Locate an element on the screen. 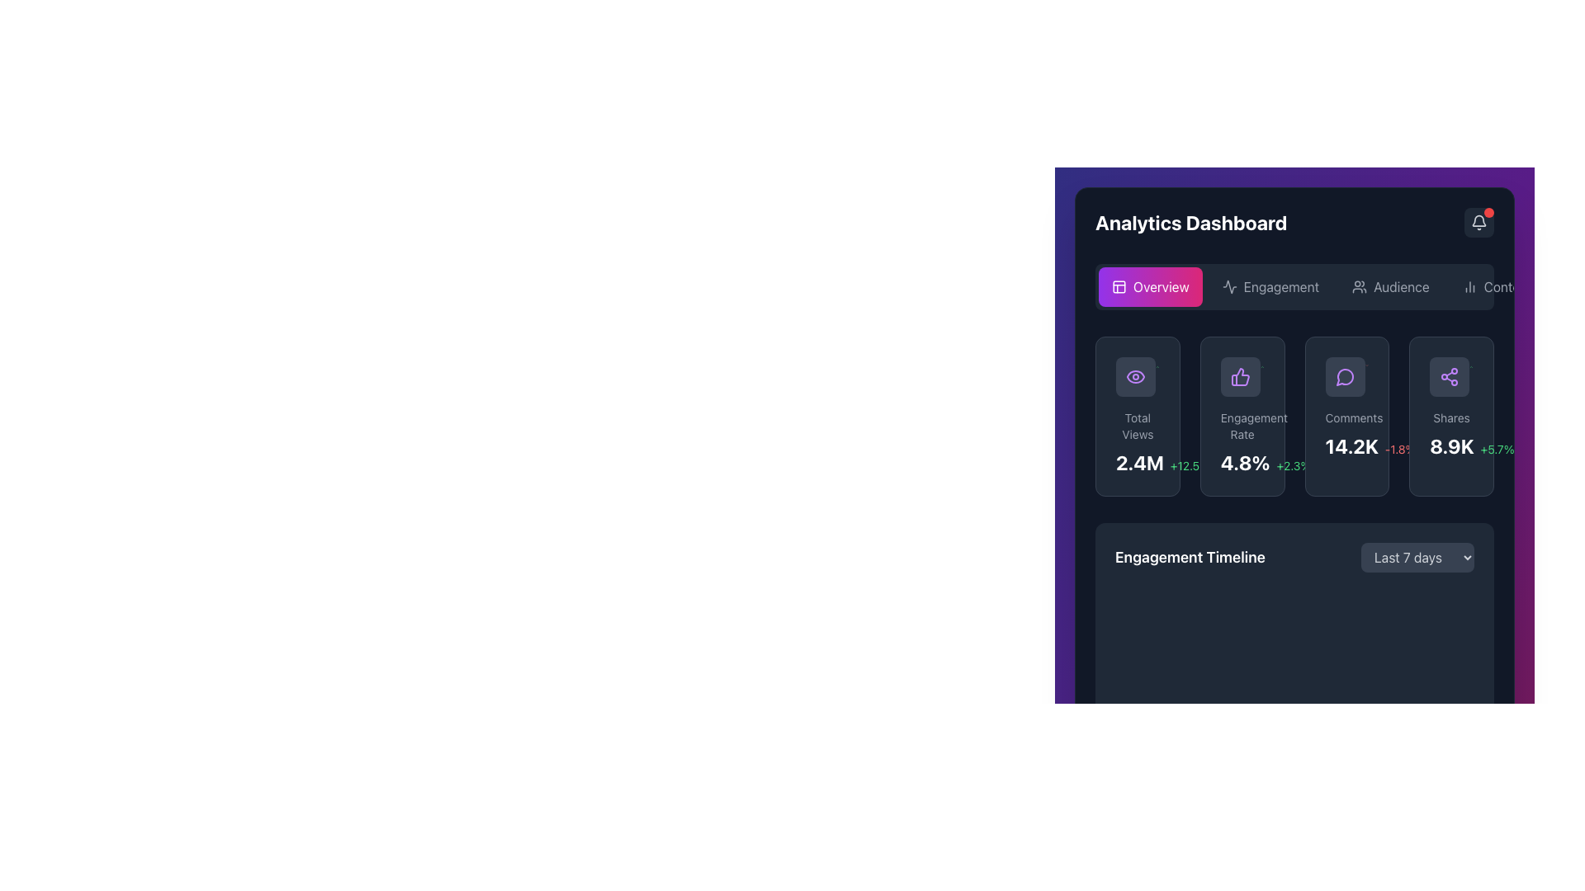  the layout icon located within the 'Overview' button in the header section of the dashboard interface is located at coordinates (1119, 285).